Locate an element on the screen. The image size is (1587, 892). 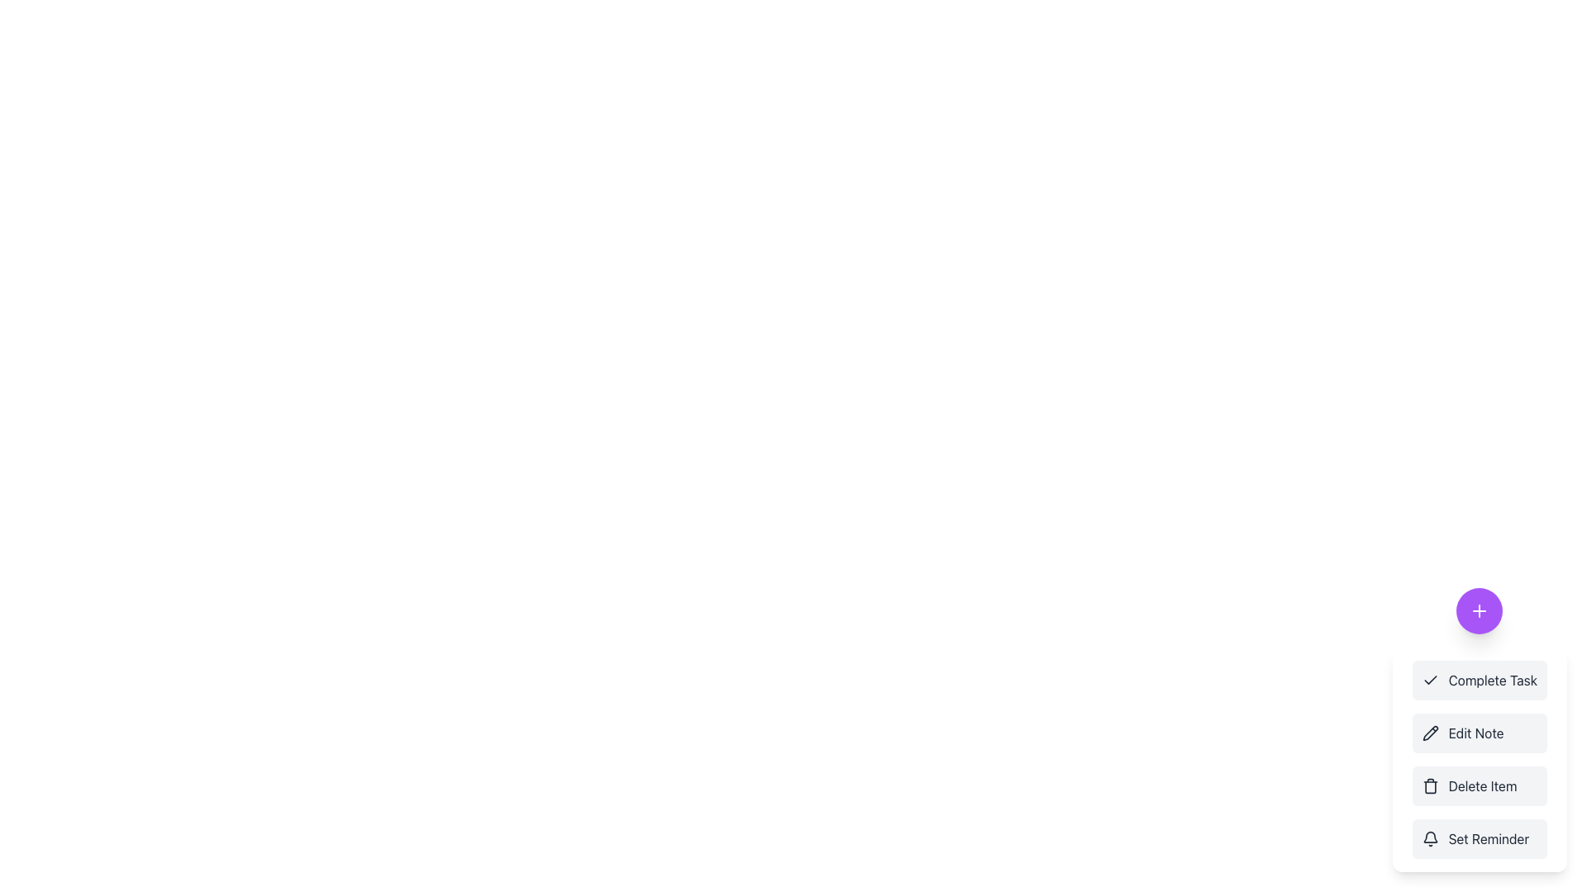
the pencil icon indicating the edit function located inside the row labeled 'Edit Note' is located at coordinates (1429, 732).